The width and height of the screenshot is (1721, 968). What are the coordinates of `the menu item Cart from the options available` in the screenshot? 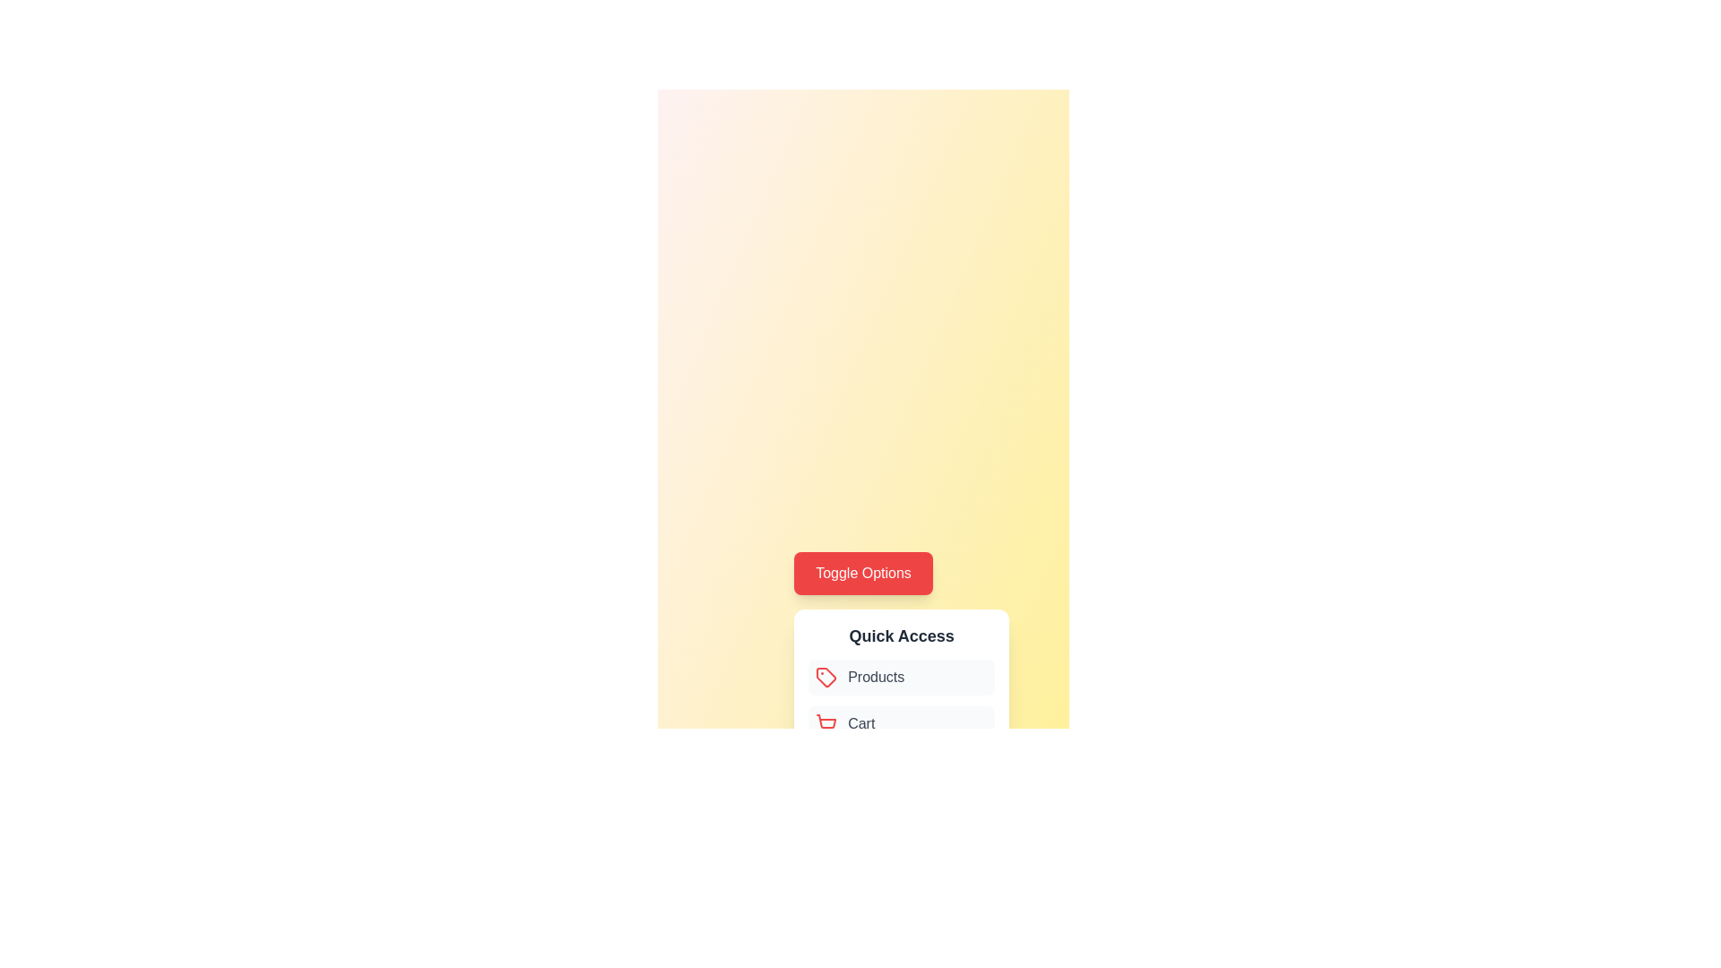 It's located at (902, 722).